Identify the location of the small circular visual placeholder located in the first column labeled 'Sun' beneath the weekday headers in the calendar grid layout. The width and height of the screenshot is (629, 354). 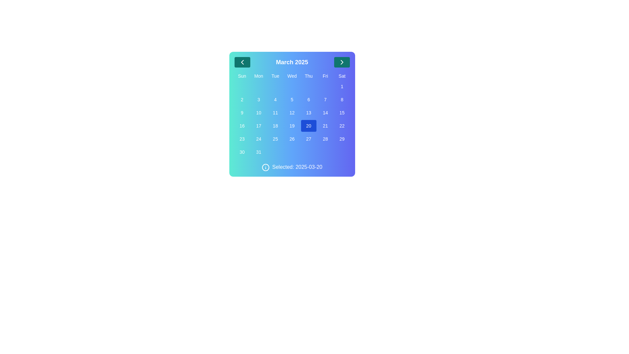
(242, 86).